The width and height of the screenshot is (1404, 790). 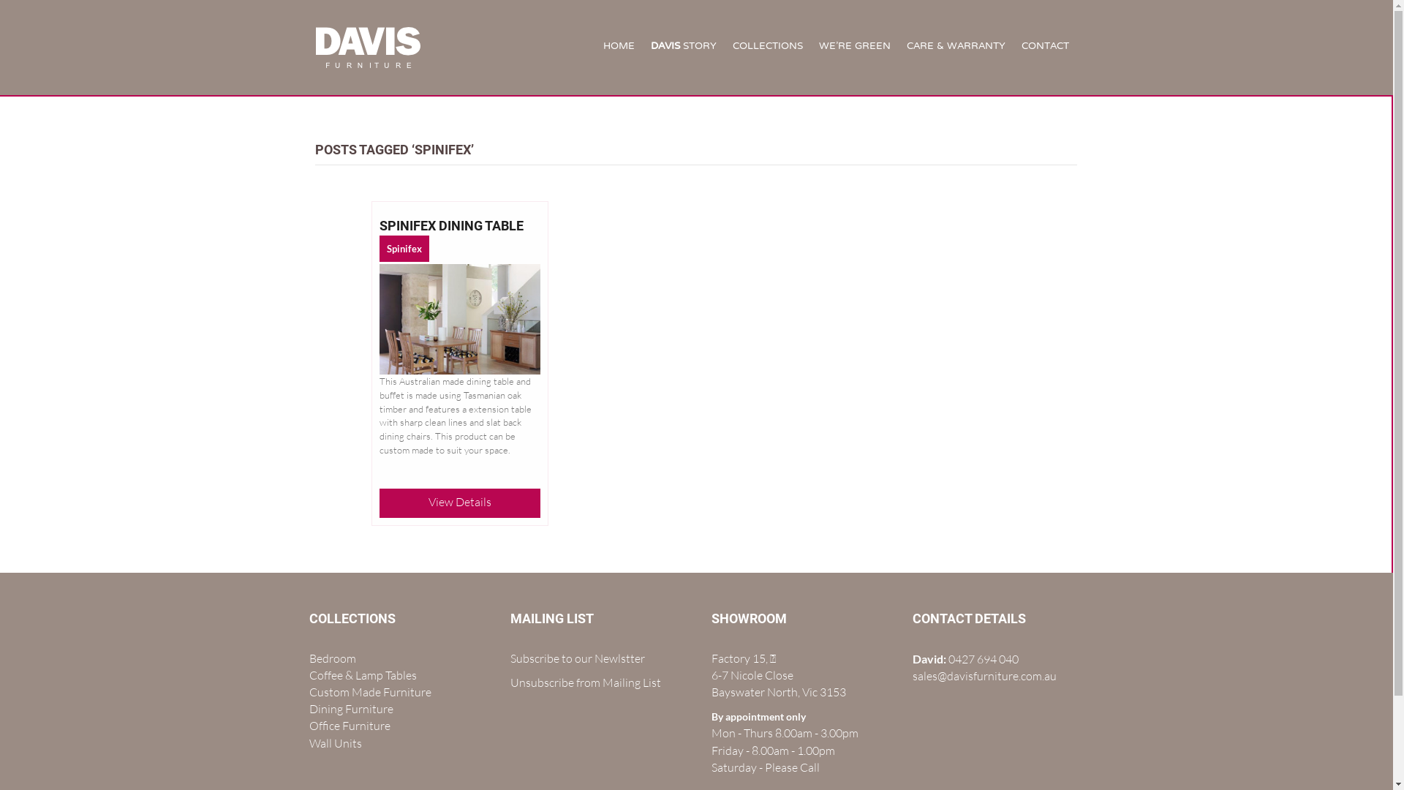 What do you see at coordinates (683, 47) in the screenshot?
I see `'DAVIS STORY'` at bounding box center [683, 47].